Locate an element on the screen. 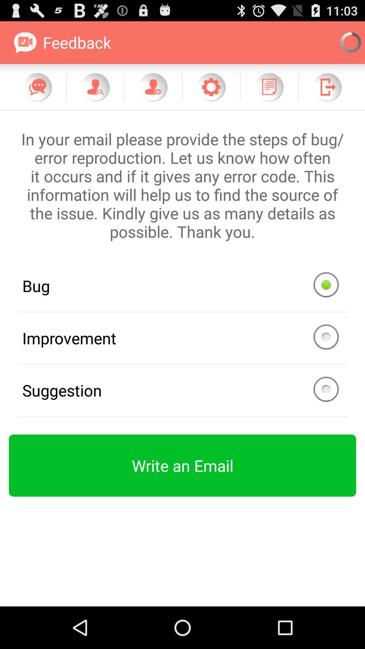 The height and width of the screenshot is (649, 365). the text below bug is located at coordinates (182, 338).